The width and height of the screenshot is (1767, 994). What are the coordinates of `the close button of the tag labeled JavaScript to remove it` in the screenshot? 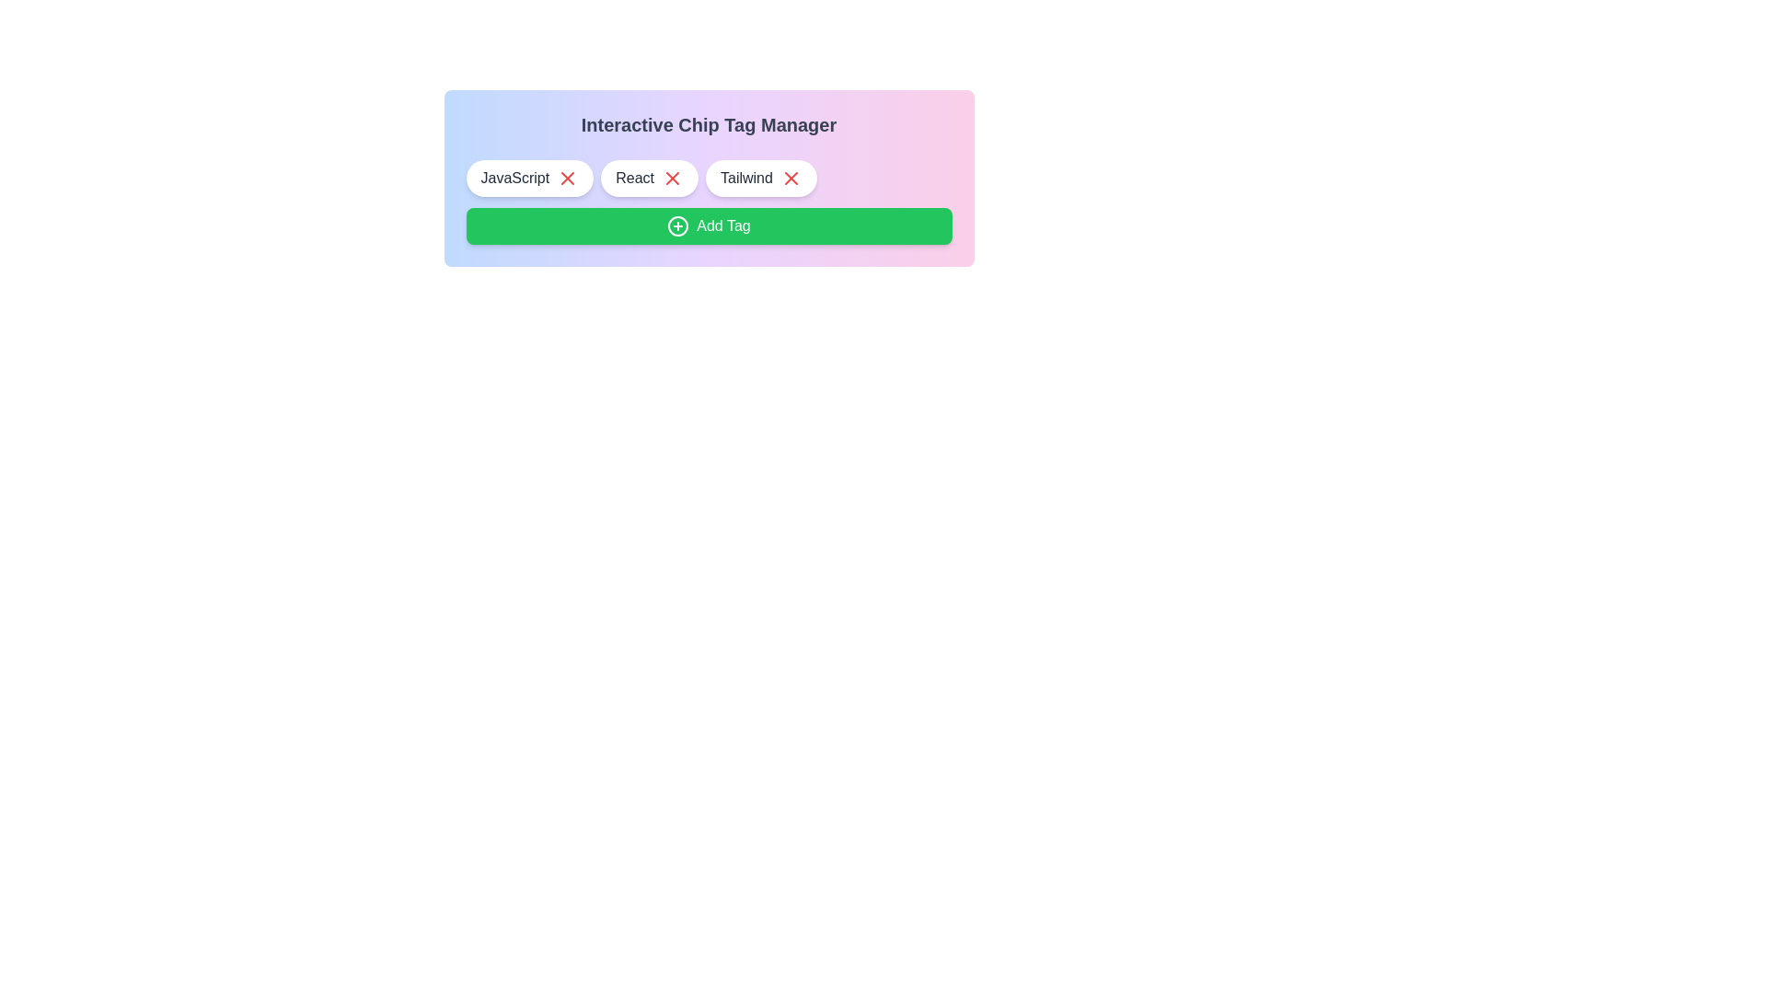 It's located at (567, 178).